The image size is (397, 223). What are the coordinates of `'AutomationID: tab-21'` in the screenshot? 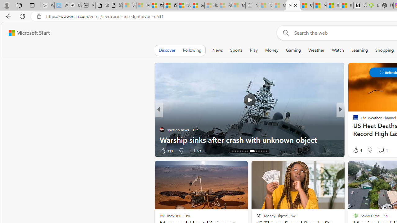 It's located at (252, 151).